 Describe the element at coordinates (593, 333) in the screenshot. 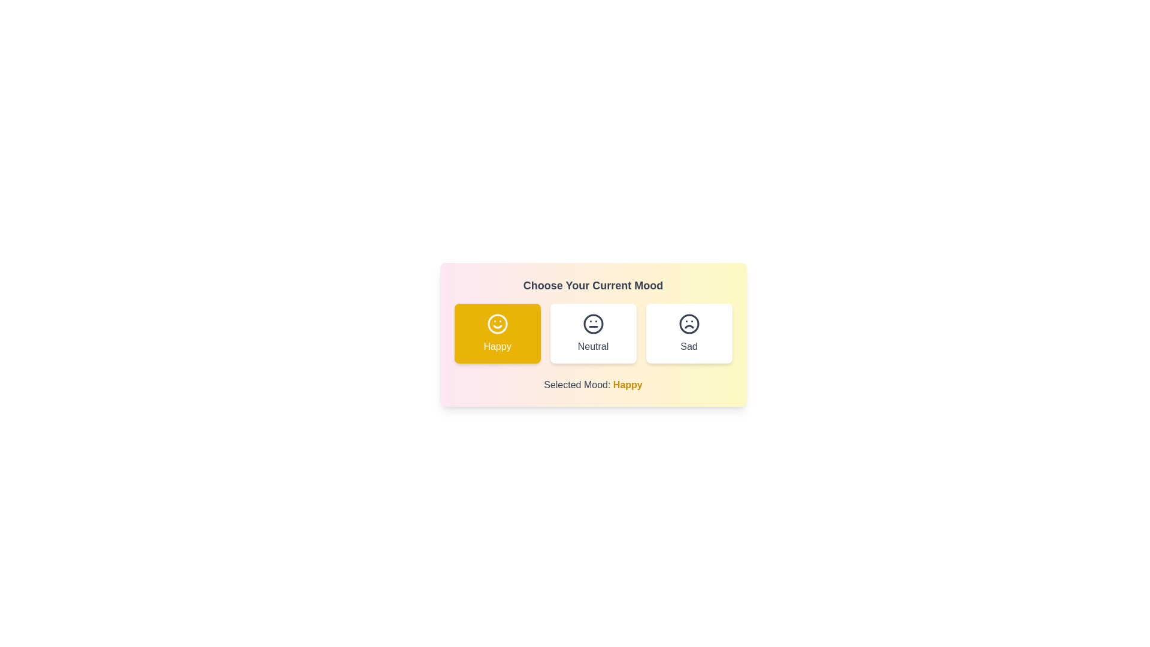

I see `the mood button corresponding to neutral` at that location.